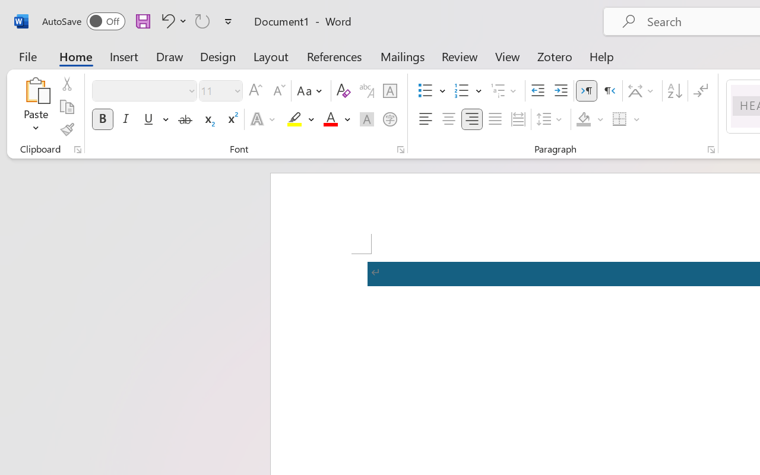  I want to click on 'Undo', so click(166, 20).